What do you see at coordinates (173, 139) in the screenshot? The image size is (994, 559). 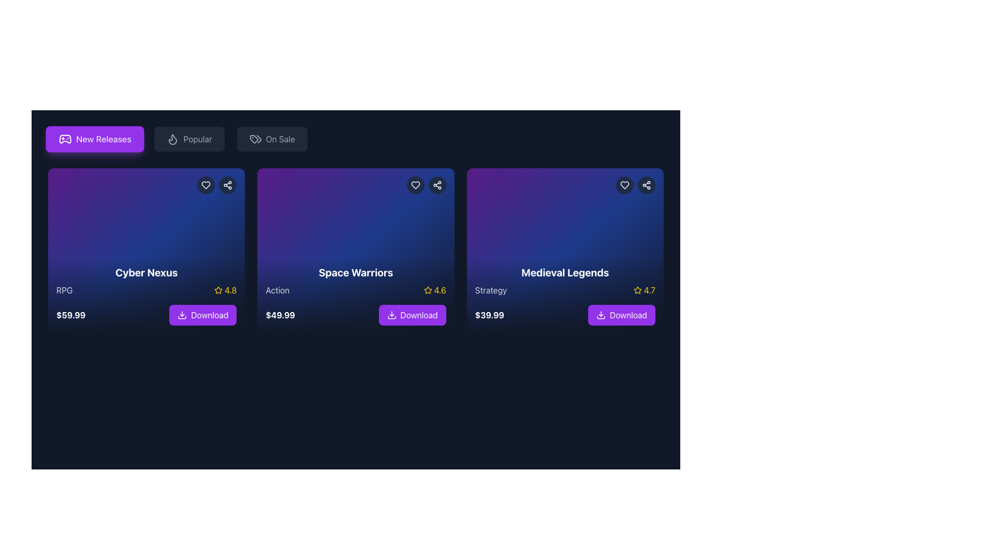 I see `the flame icon in the toolbar, which represents fire or heat and is located to the right of the 'New Releases' button` at bounding box center [173, 139].